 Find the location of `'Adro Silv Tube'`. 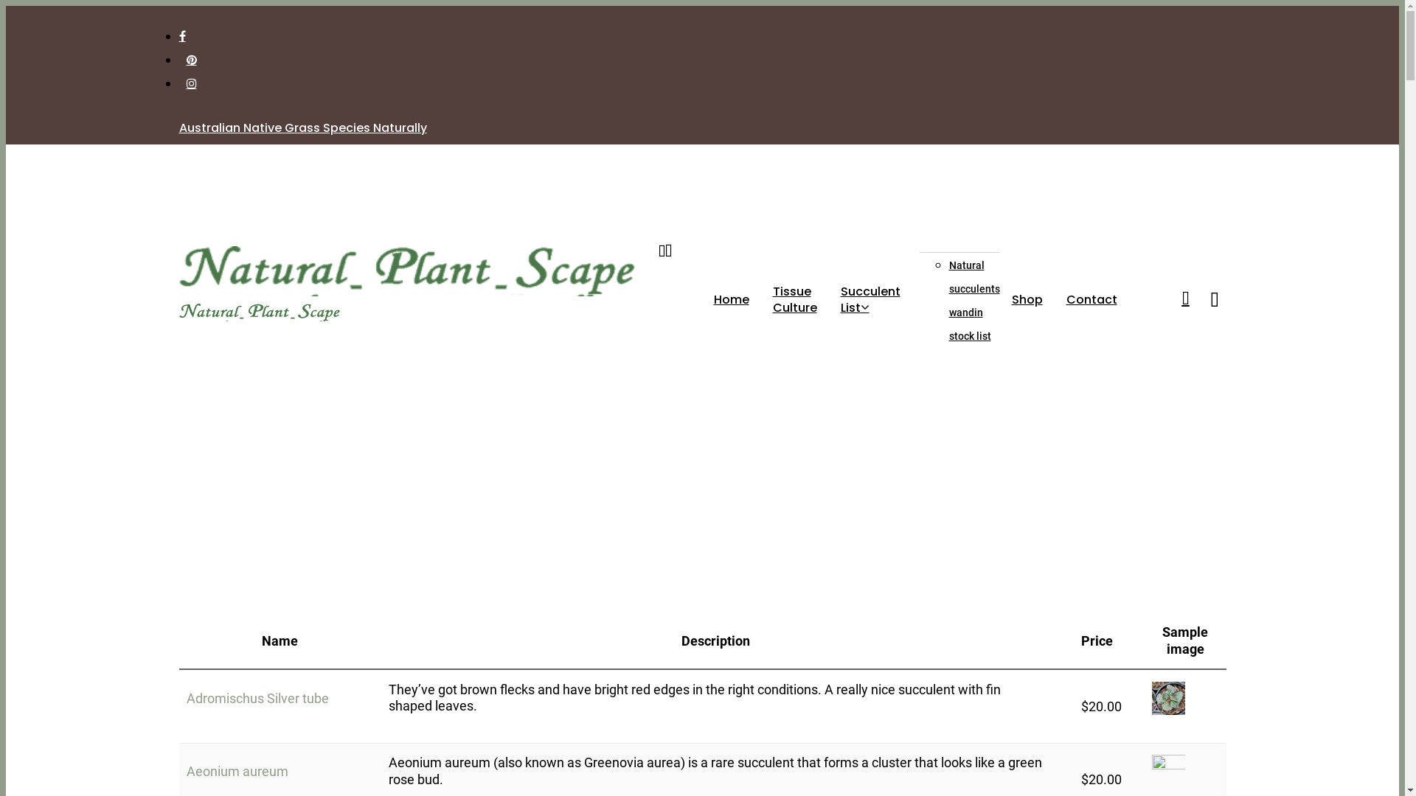

'Adro Silv Tube' is located at coordinates (1150, 697).